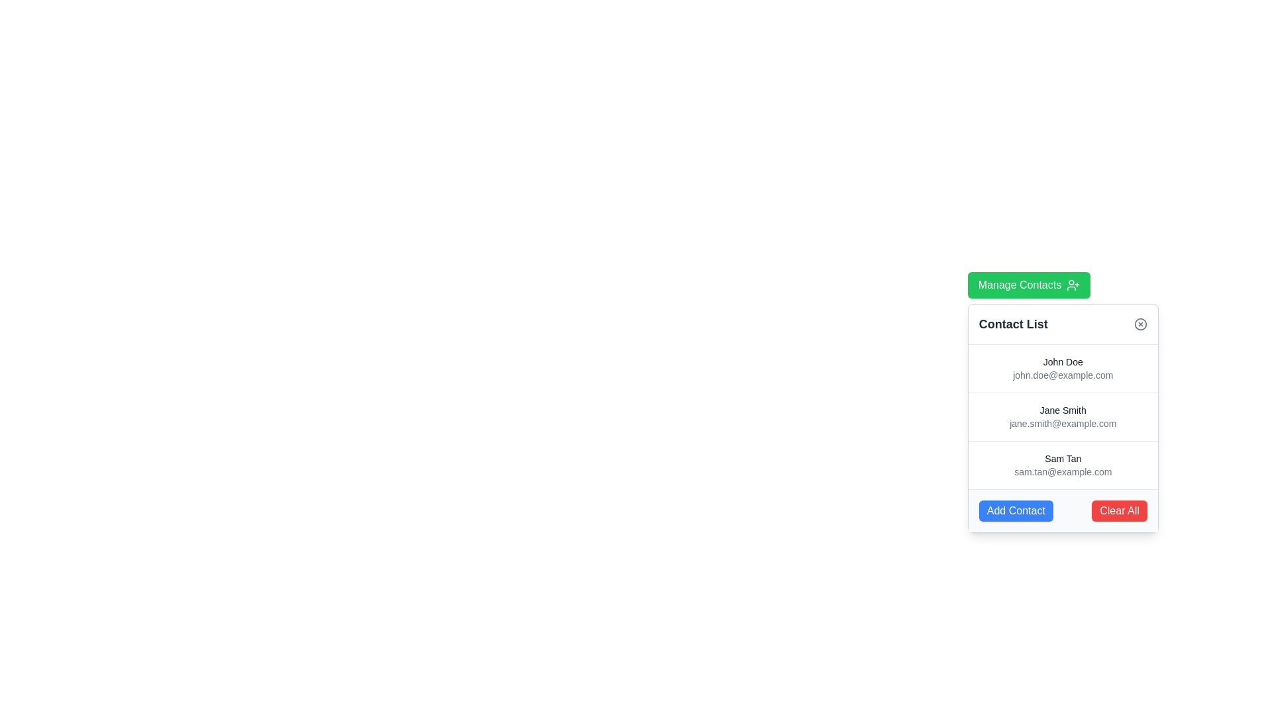 The height and width of the screenshot is (715, 1272). I want to click on the 'Close' or 'Clear' button in the 'Contact List' section, so click(1139, 324).